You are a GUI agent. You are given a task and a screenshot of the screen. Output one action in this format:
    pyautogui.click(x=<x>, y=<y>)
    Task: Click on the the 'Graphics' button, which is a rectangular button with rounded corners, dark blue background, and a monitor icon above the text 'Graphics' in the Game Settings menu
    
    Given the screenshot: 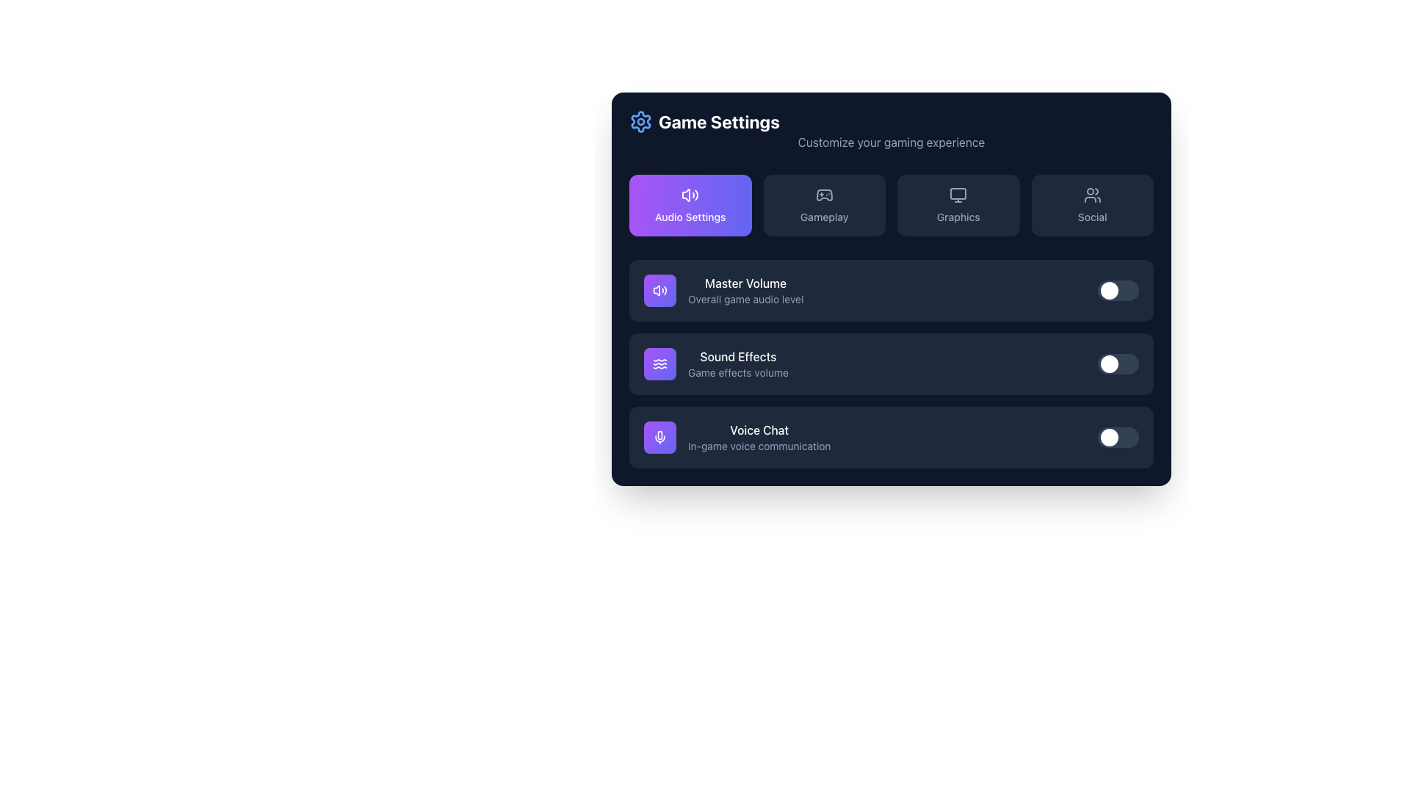 What is the action you would take?
    pyautogui.click(x=958, y=206)
    